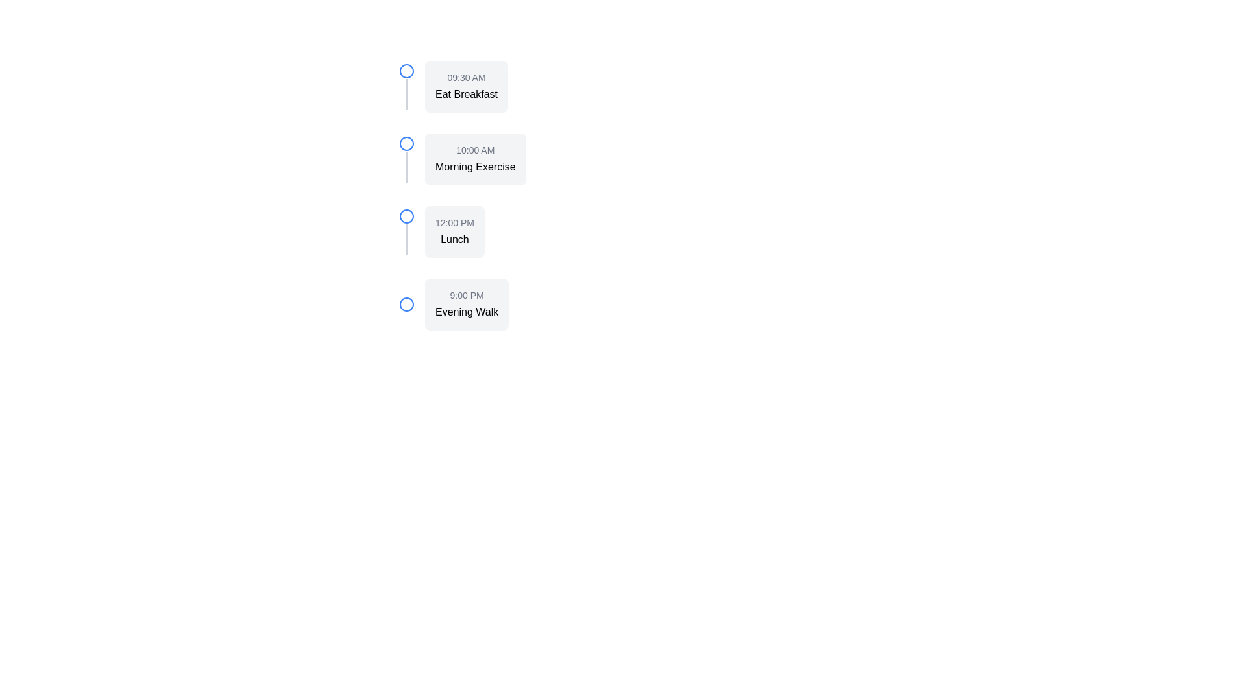 This screenshot has height=700, width=1246. I want to click on the blue outlined circular icon with a white interior, which is the second circle in the vertical timeline located to the left of the 'Morning Exercise' label at '10:00 AM', so click(406, 144).